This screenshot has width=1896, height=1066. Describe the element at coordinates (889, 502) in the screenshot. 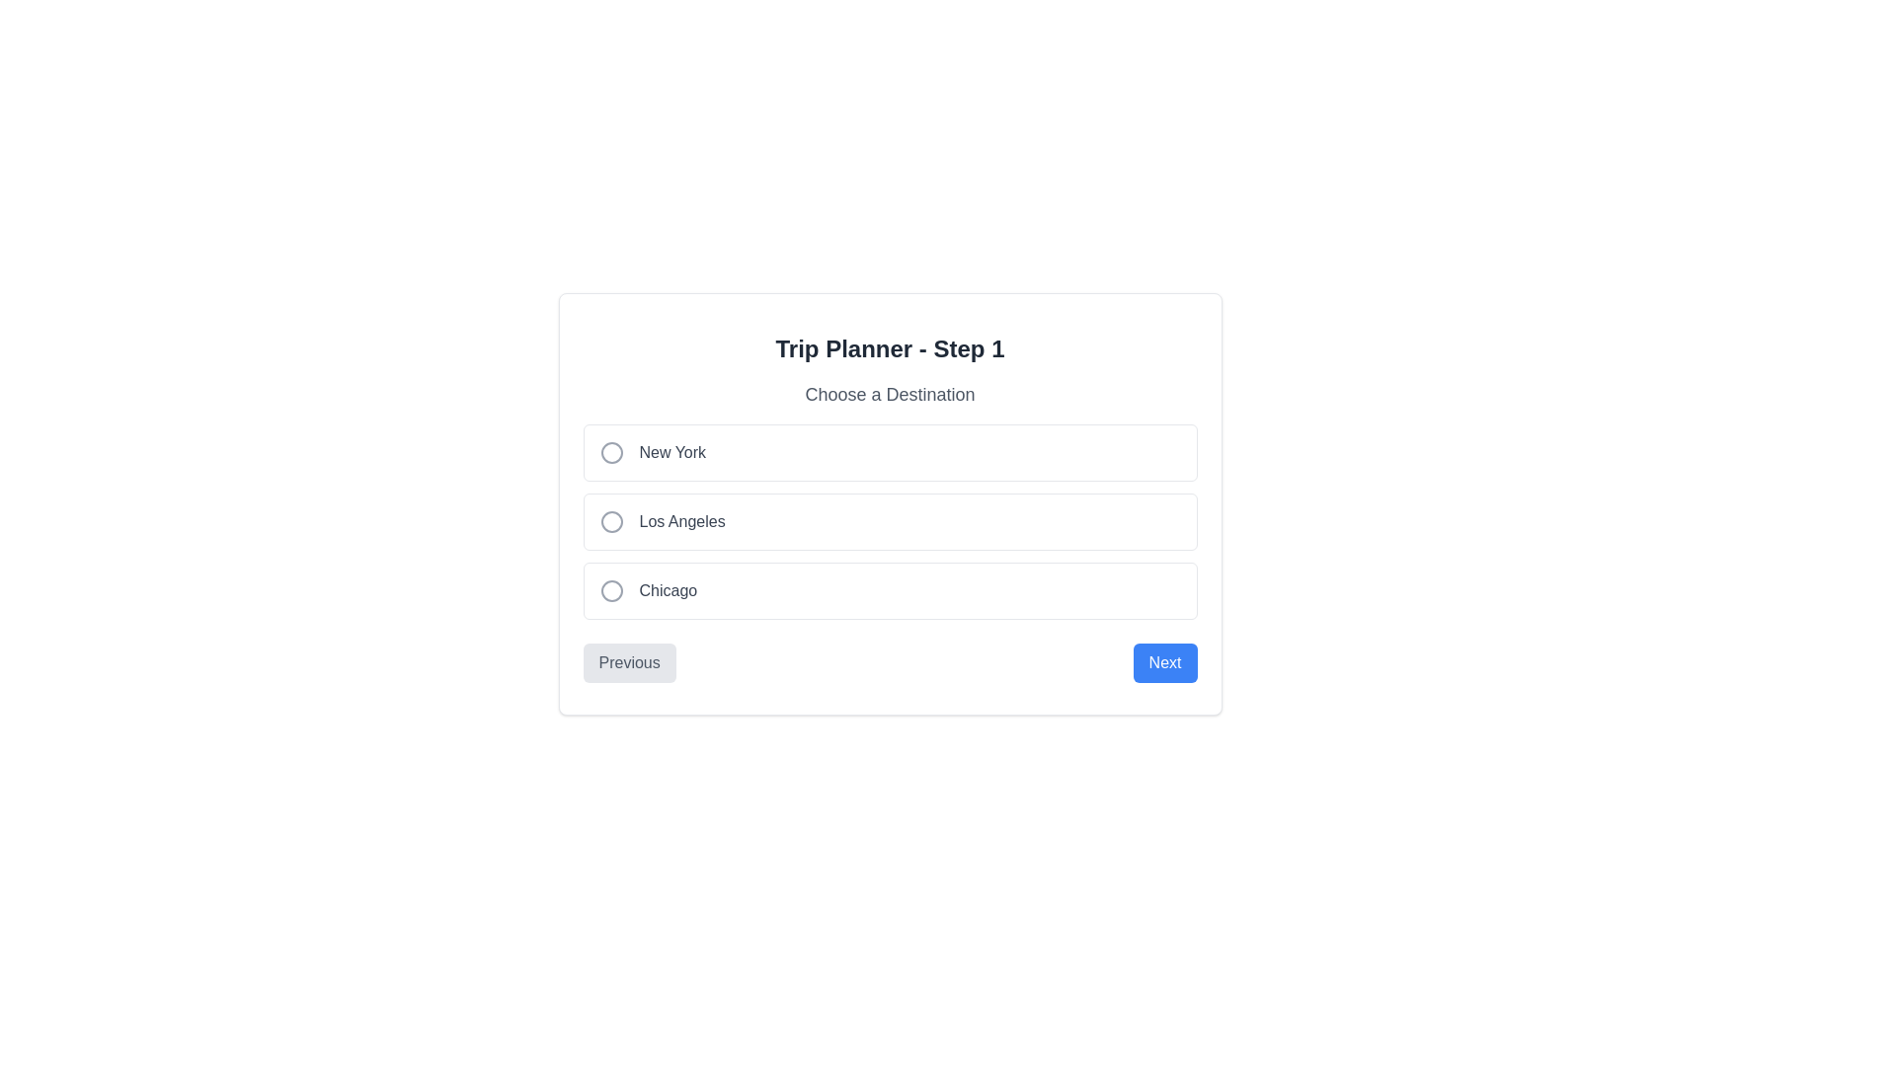

I see `the 'Los Angeles' radio button option` at that location.